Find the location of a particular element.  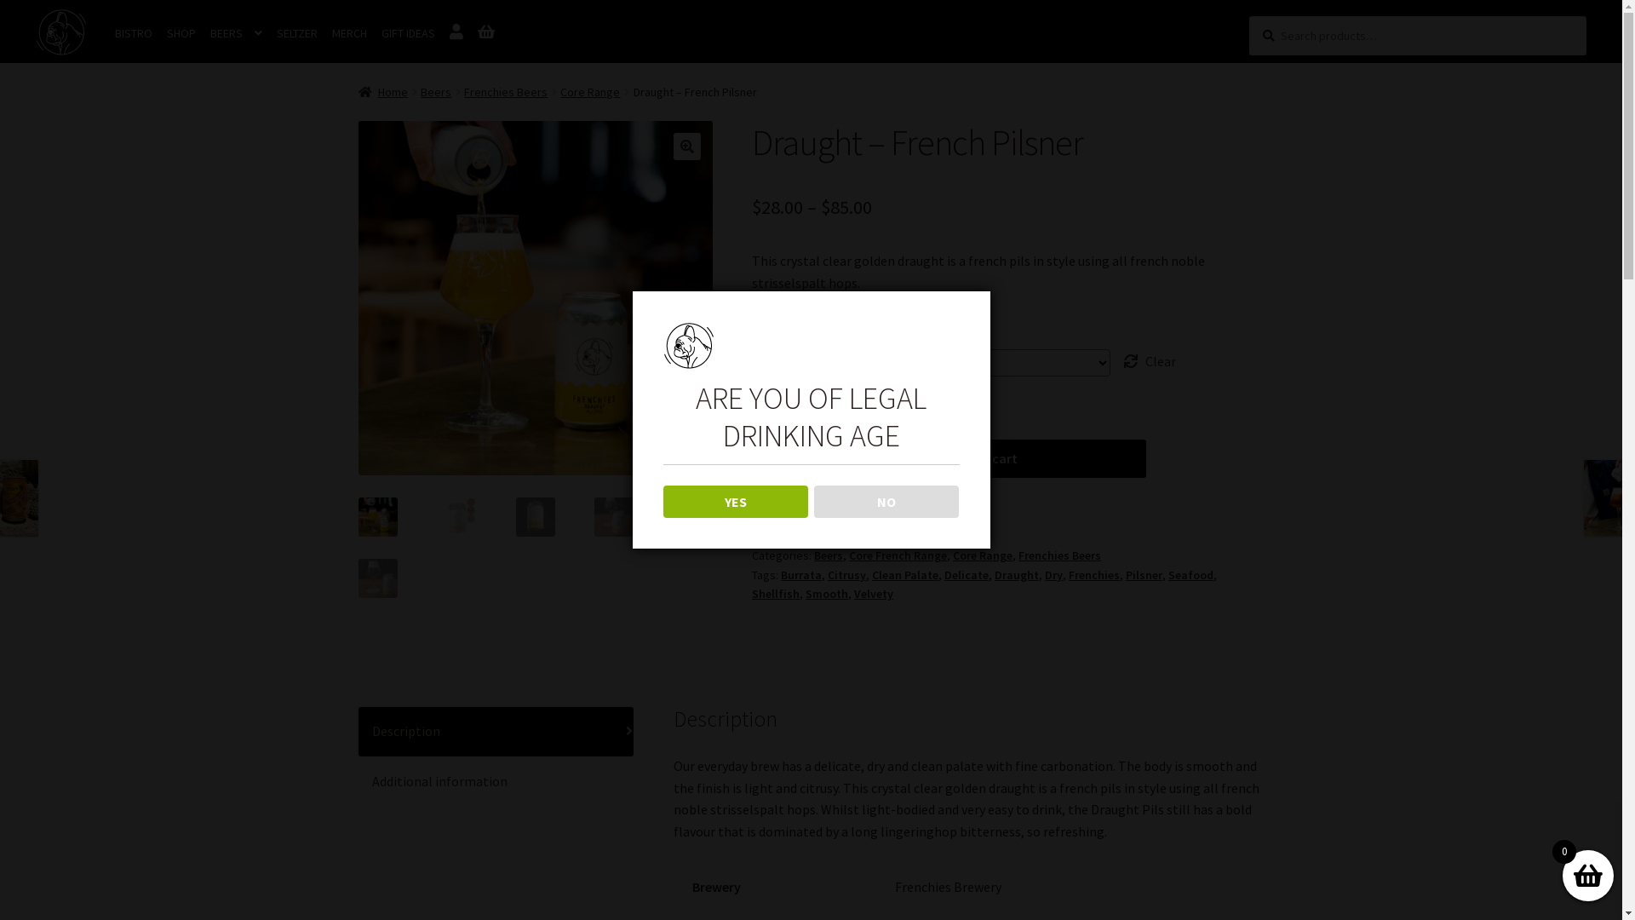

'Add to cart' is located at coordinates (984, 458).